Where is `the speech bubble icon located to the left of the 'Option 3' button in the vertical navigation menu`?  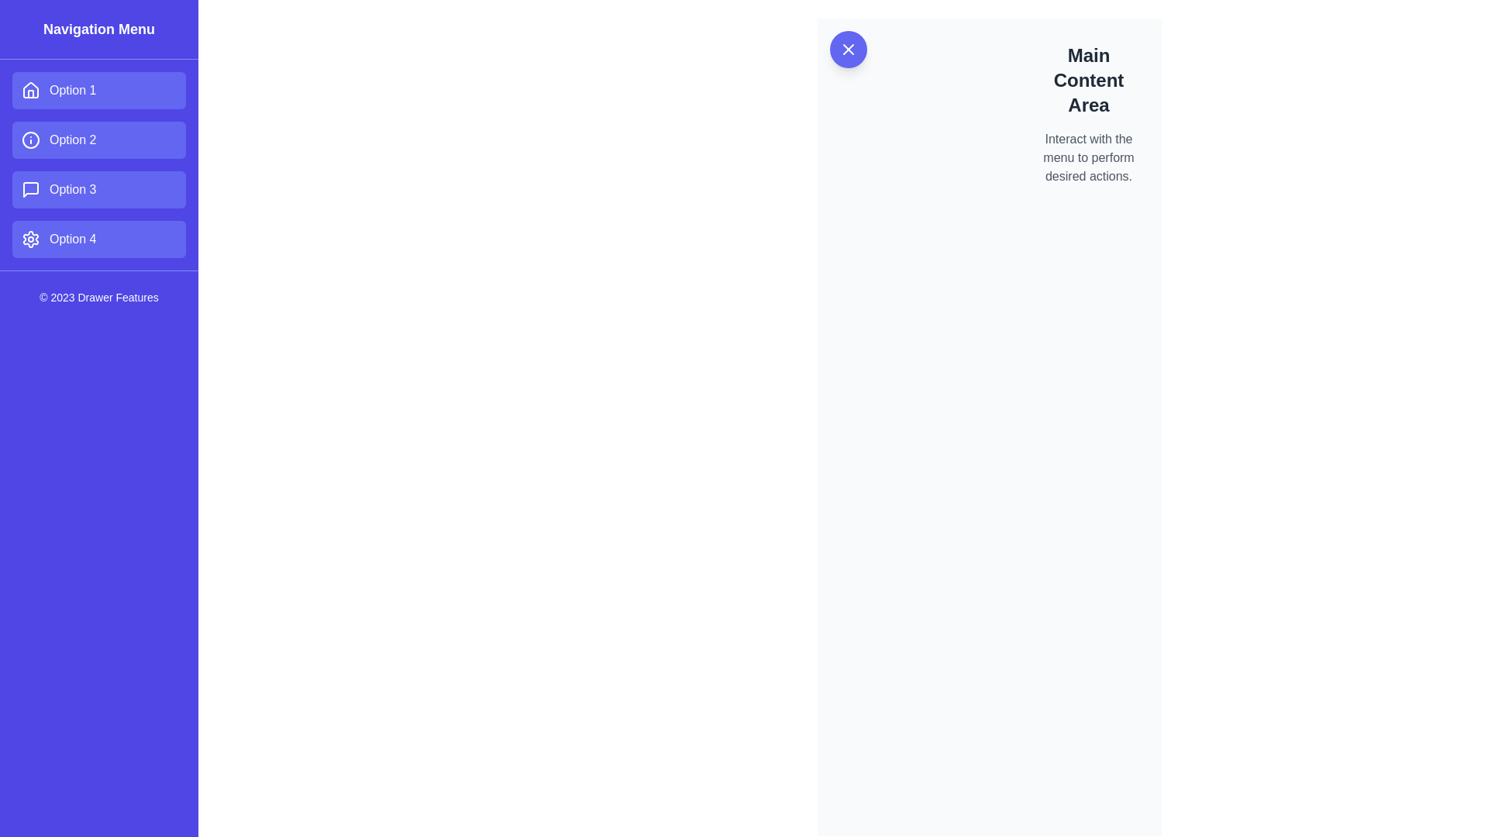 the speech bubble icon located to the left of the 'Option 3' button in the vertical navigation menu is located at coordinates (30, 189).